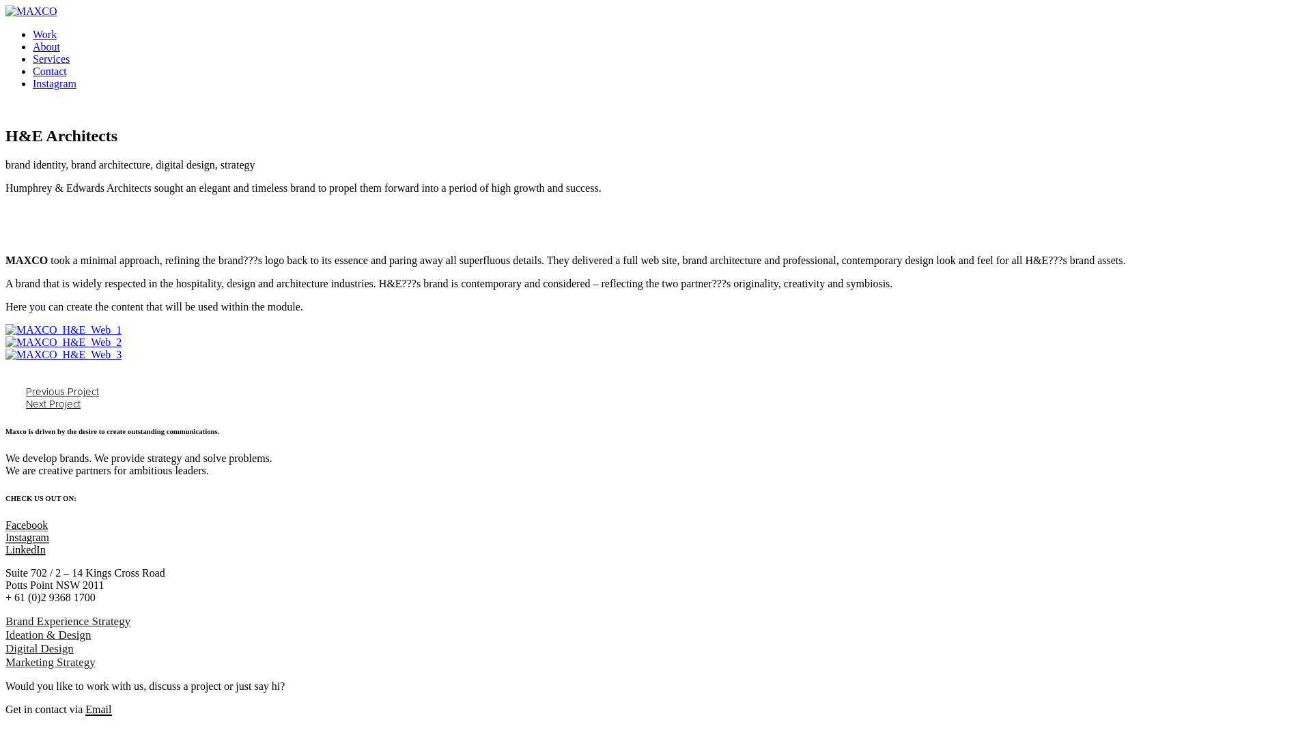  What do you see at coordinates (25, 549) in the screenshot?
I see `'LinkedIn'` at bounding box center [25, 549].